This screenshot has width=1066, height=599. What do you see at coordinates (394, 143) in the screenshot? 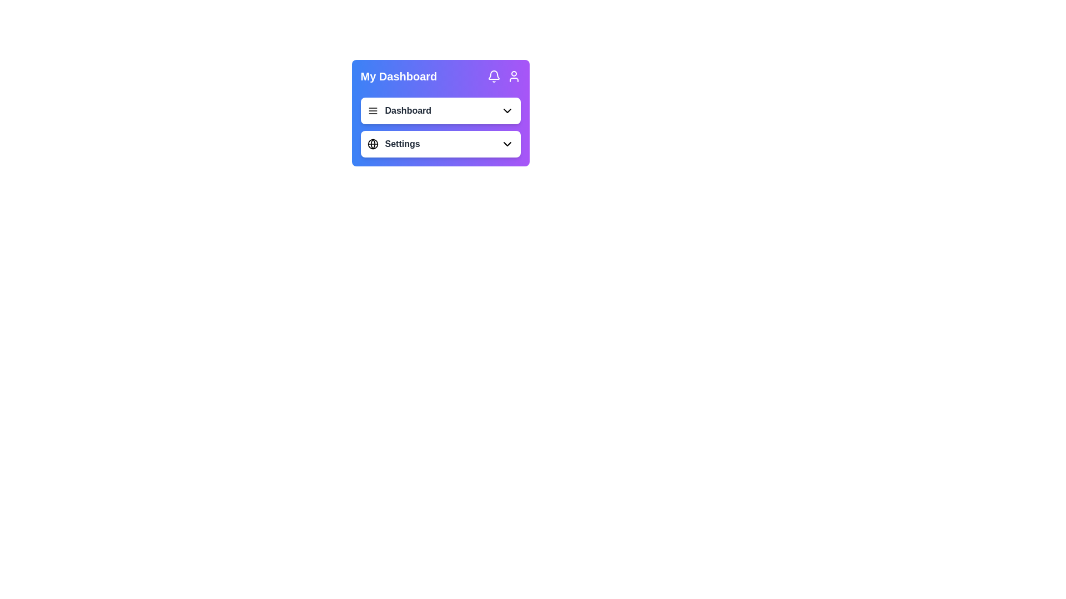
I see `the 'Settings' menu entry, which consists of a globe icon and bold text` at bounding box center [394, 143].